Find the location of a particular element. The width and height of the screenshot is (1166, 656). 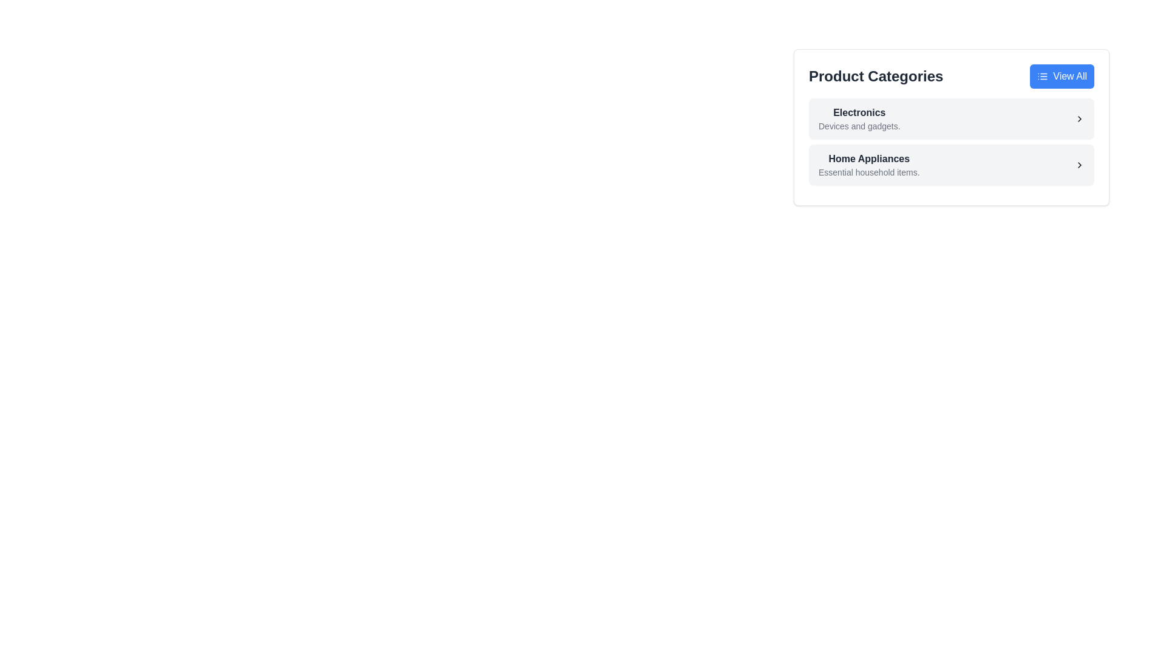

the 'Home Appliances' category button located under the 'Product Categories' section is located at coordinates (950, 165).